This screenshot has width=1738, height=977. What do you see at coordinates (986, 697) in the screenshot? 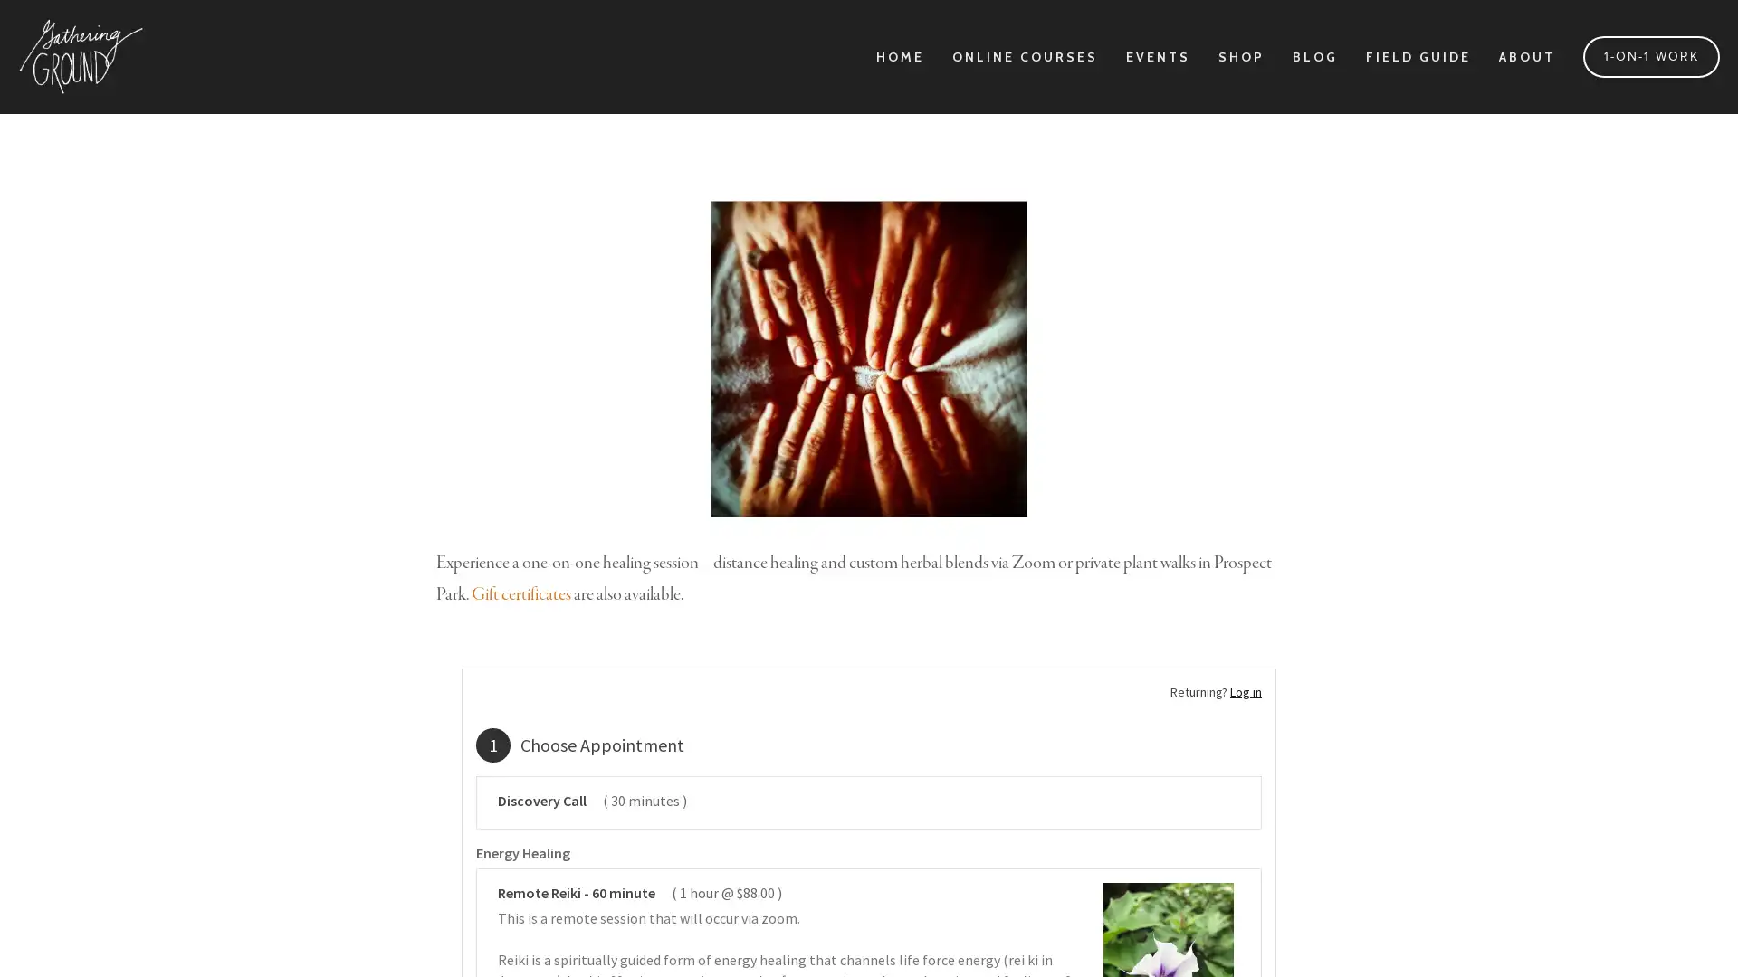
I see `Sign Up` at bounding box center [986, 697].